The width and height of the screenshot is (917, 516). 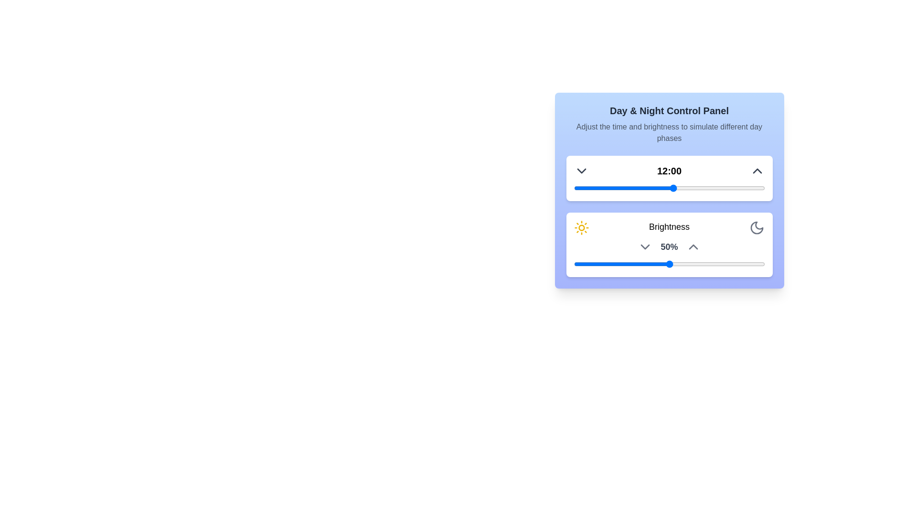 What do you see at coordinates (747, 188) in the screenshot?
I see `the time` at bounding box center [747, 188].